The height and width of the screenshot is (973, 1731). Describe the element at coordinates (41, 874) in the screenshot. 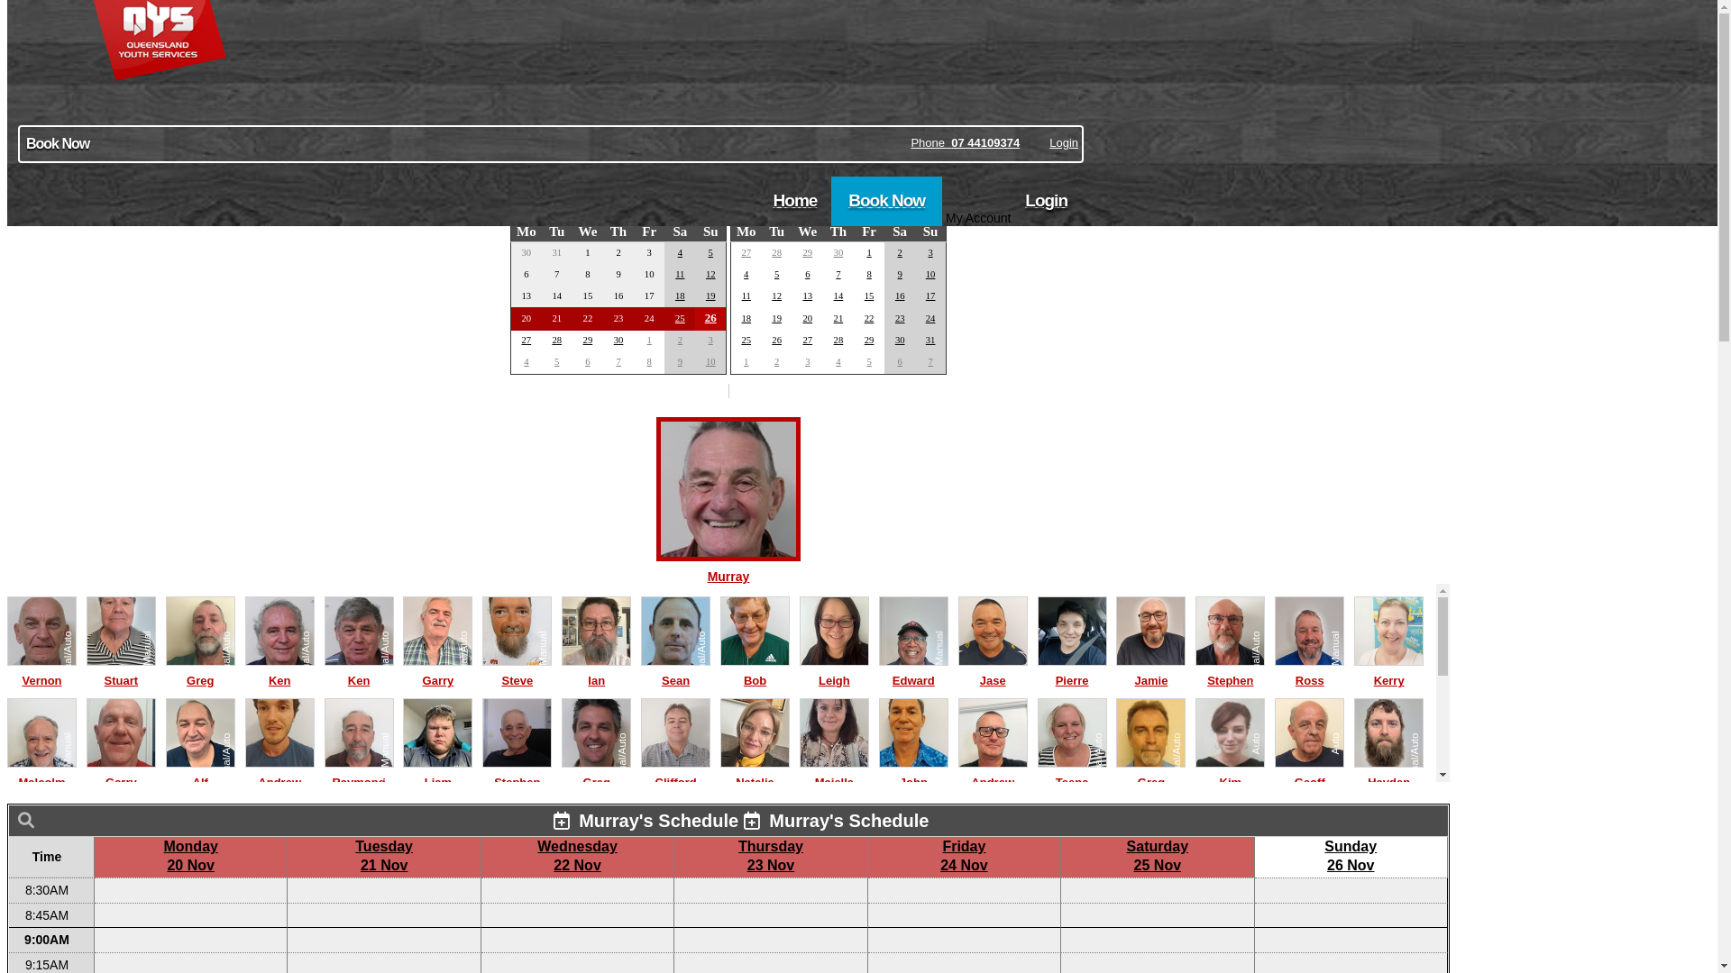

I see `'Wayne'` at that location.